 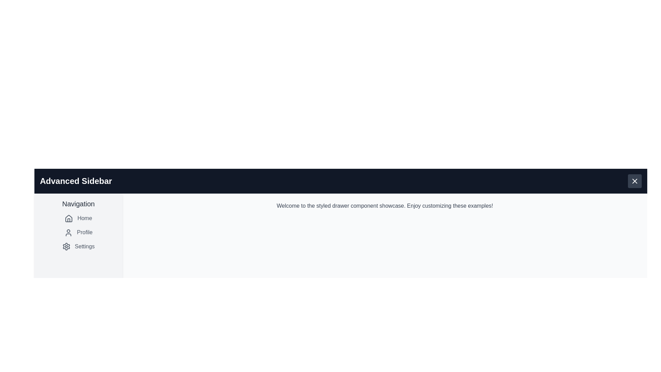 I want to click on the 'Navigation' text label at the top of the sidebar, which serves as a heading for the options below, so click(x=78, y=203).